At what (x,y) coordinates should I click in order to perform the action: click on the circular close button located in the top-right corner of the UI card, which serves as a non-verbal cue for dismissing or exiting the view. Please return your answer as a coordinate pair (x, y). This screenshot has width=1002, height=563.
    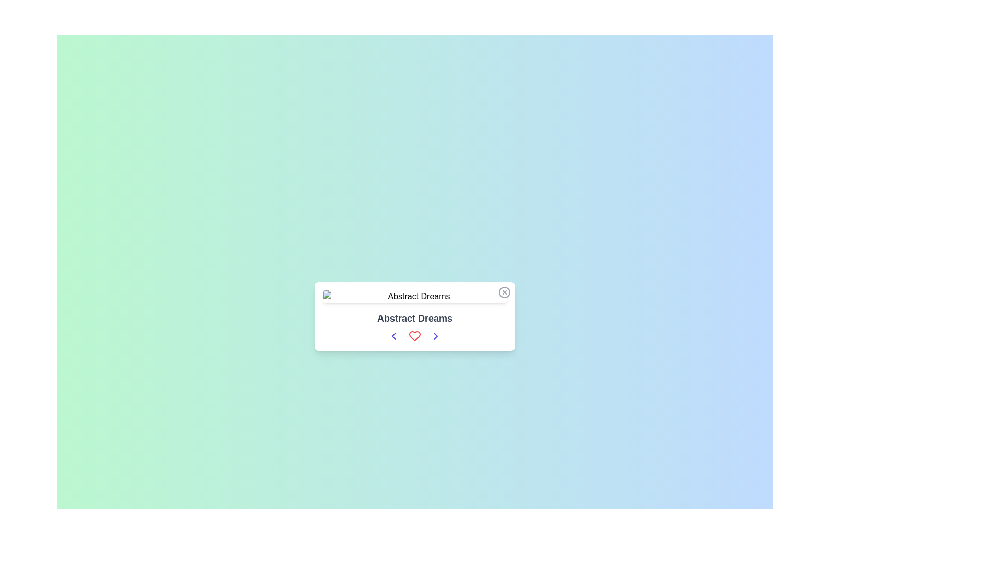
    Looking at the image, I should click on (504, 292).